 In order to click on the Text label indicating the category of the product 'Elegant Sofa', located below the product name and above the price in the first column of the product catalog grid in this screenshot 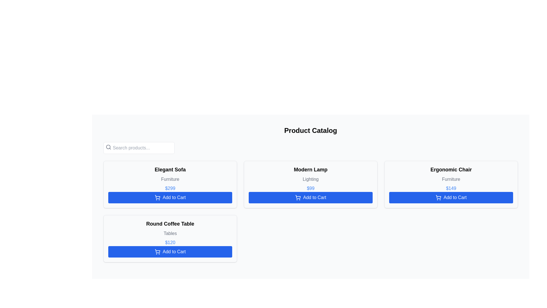, I will do `click(170, 179)`.